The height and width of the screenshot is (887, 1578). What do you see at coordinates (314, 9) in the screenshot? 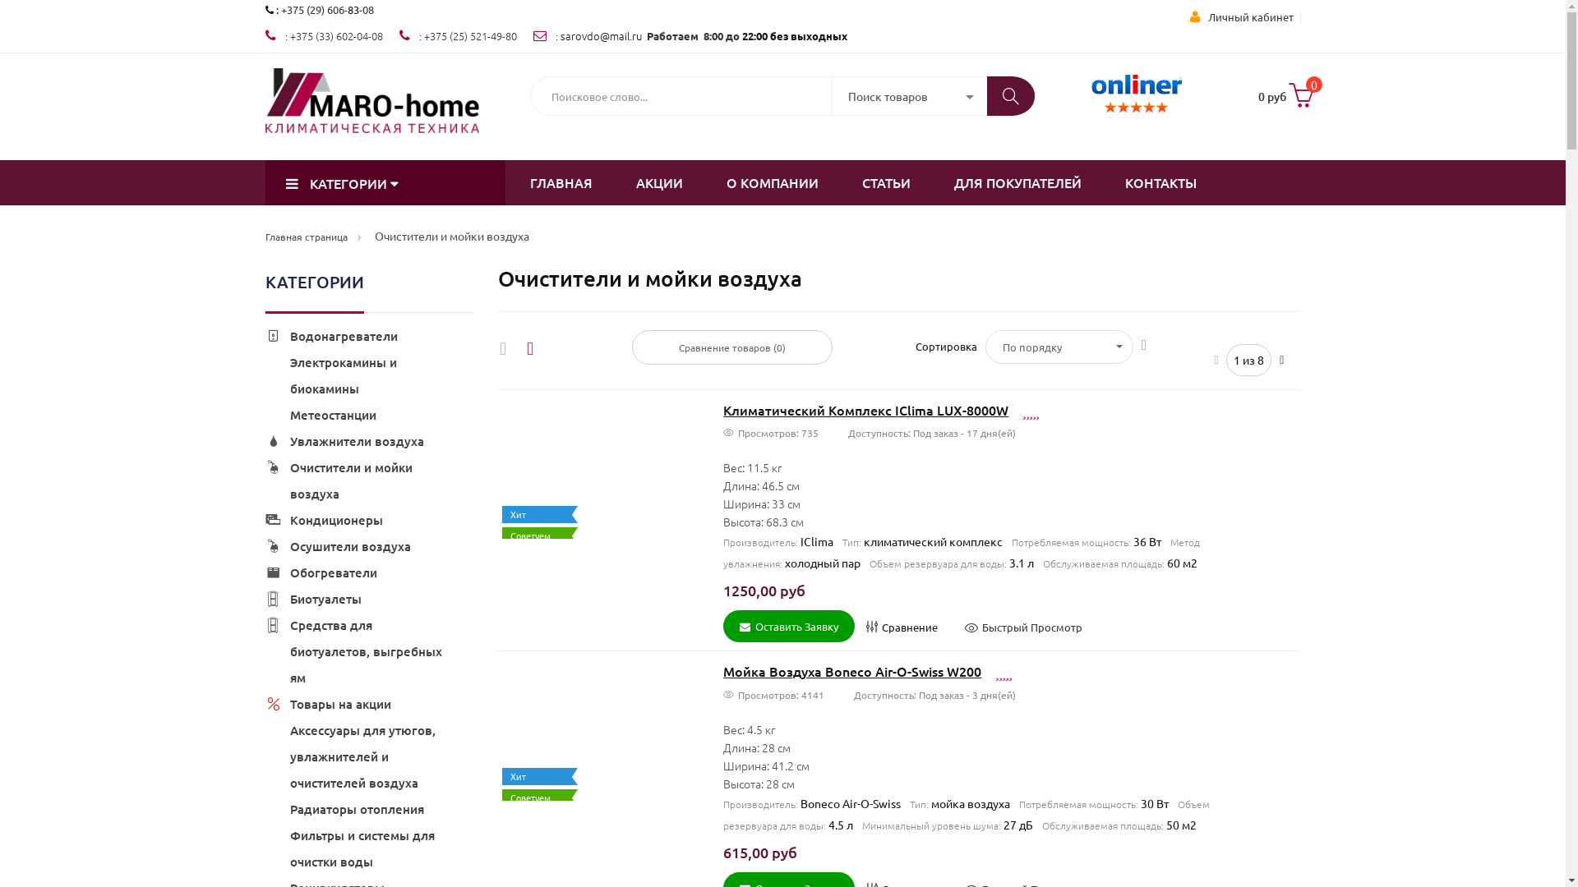
I see `'+375 (29) 606-'` at bounding box center [314, 9].